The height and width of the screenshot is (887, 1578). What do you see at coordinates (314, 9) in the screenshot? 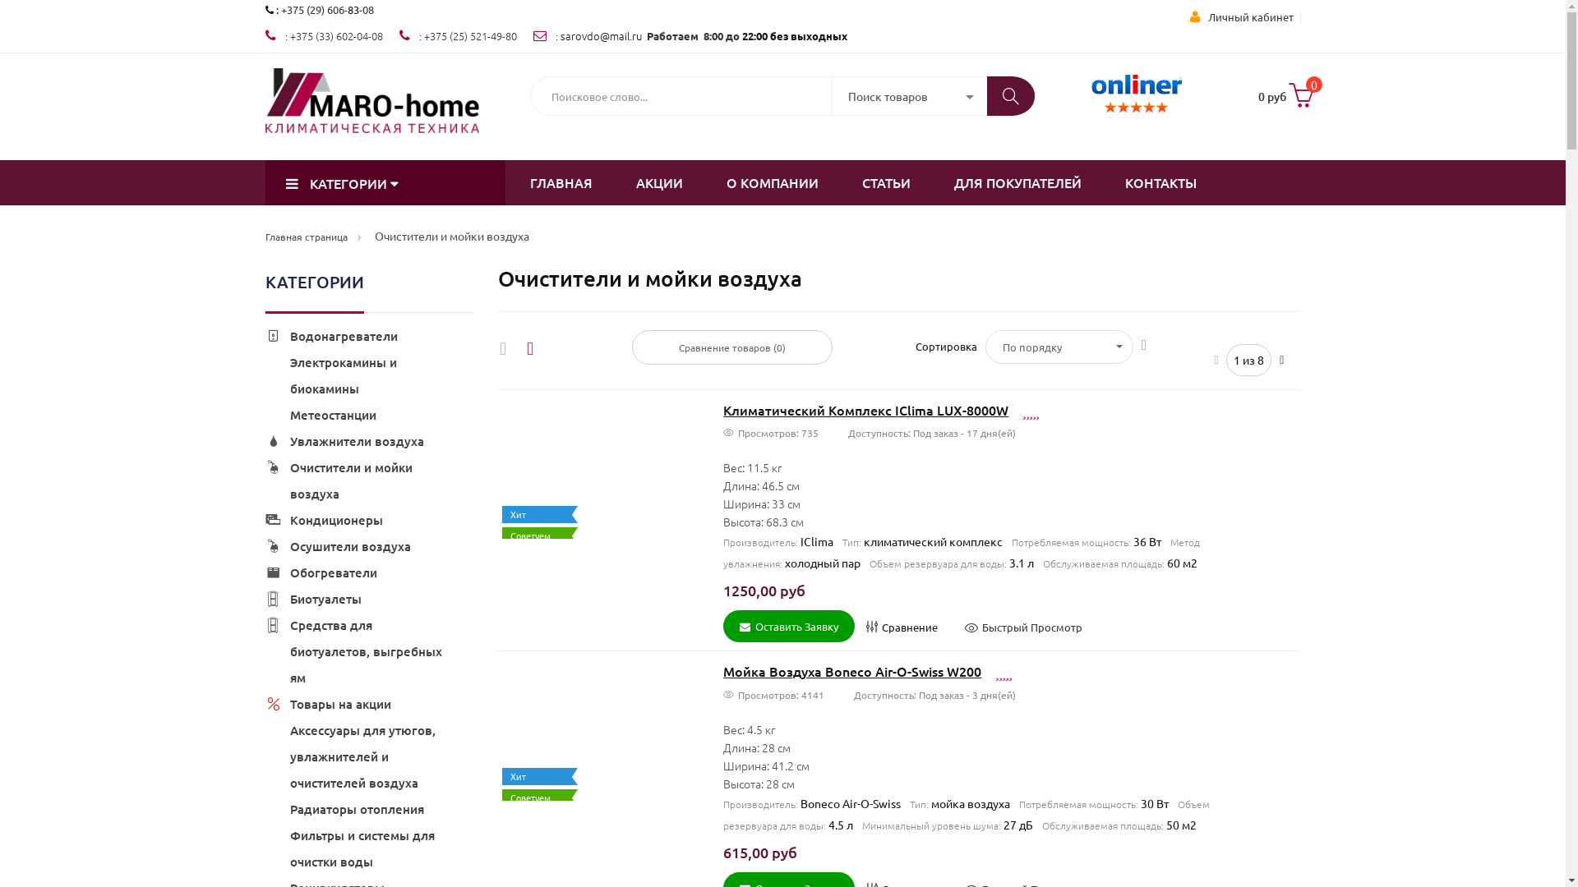
I see `'+375 (29) 606-'` at bounding box center [314, 9].